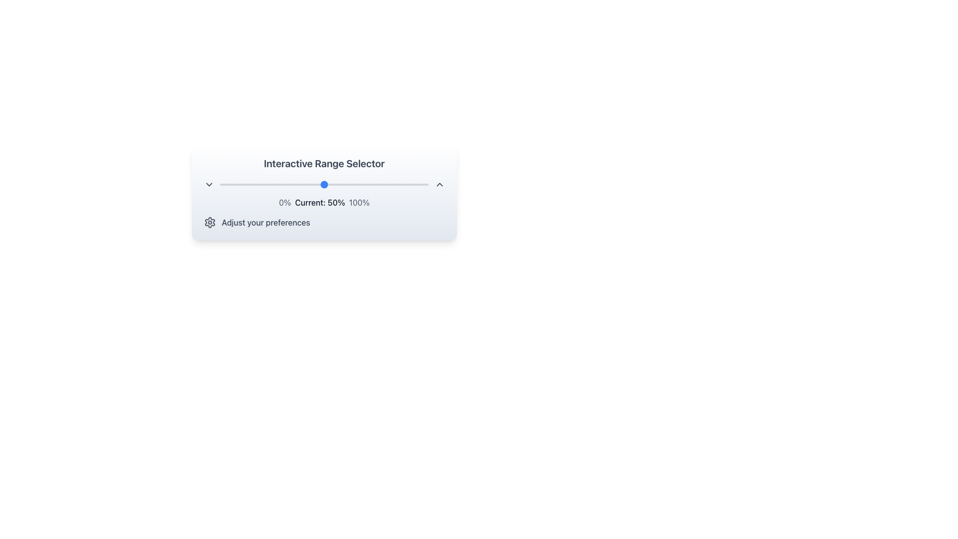 This screenshot has height=539, width=958. What do you see at coordinates (284, 202) in the screenshot?
I see `the text element indicating the starting point of the range in the interactive range selector, which shows '0%'` at bounding box center [284, 202].